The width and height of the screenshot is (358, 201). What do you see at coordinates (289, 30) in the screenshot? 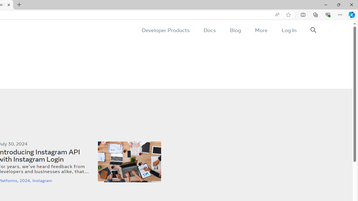
I see `'Log In'` at bounding box center [289, 30].